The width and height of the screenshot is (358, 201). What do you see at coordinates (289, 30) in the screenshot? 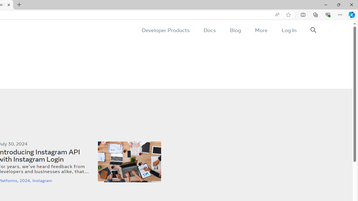
I see `'Log In'` at bounding box center [289, 30].